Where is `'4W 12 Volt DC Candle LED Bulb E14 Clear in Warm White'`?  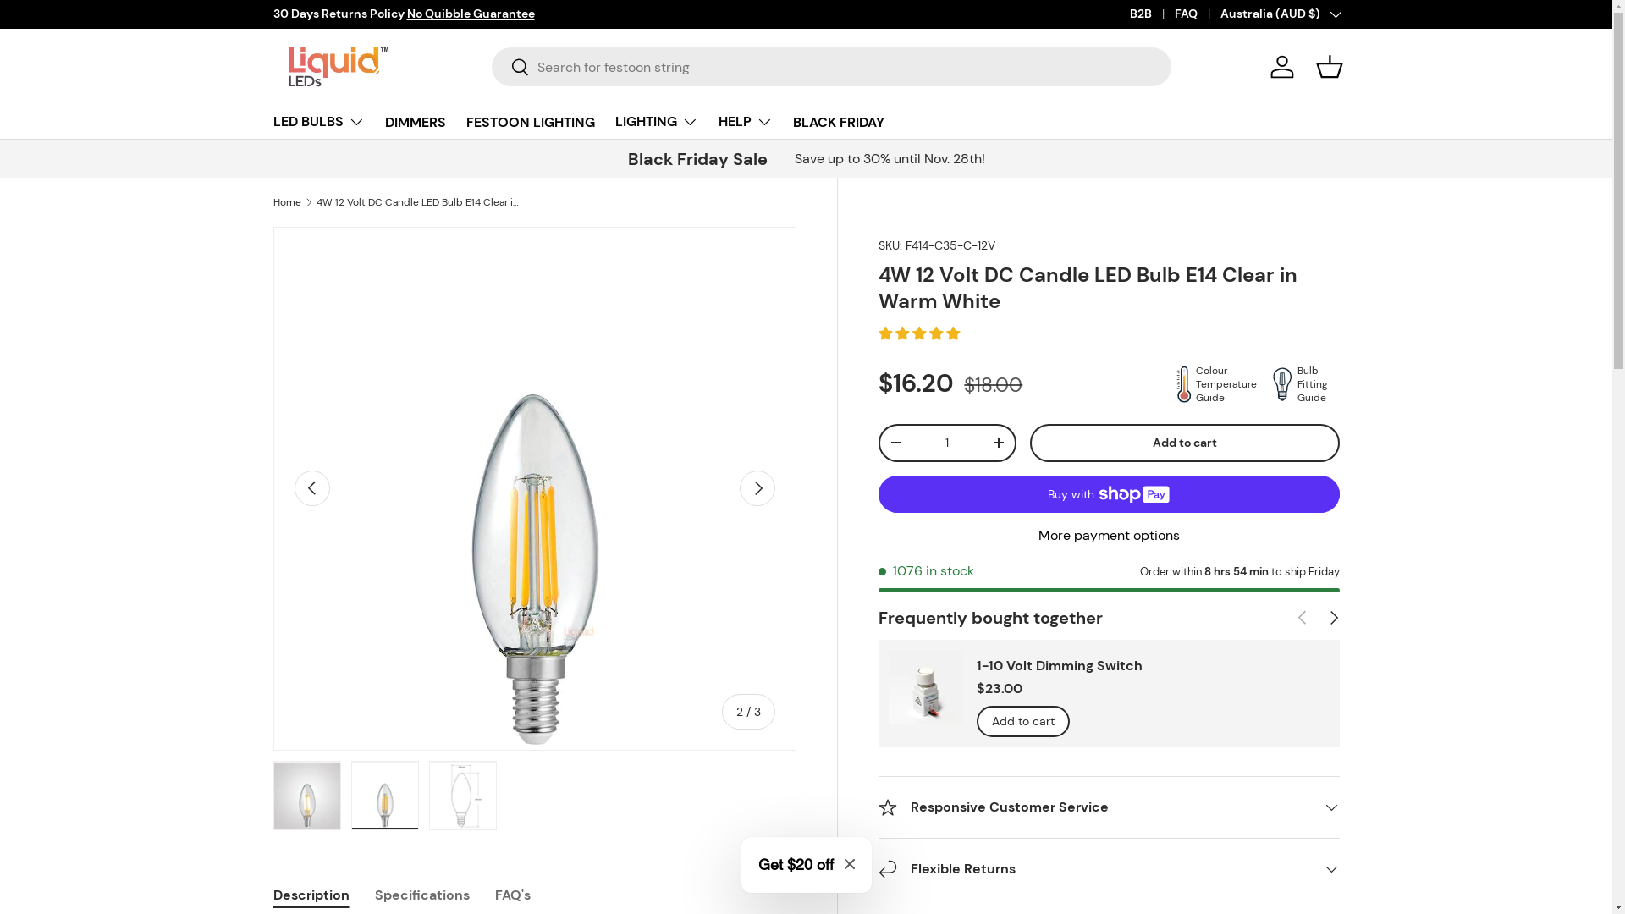
'4W 12 Volt DC Candle LED Bulb E14 Clear in Warm White' is located at coordinates (418, 201).